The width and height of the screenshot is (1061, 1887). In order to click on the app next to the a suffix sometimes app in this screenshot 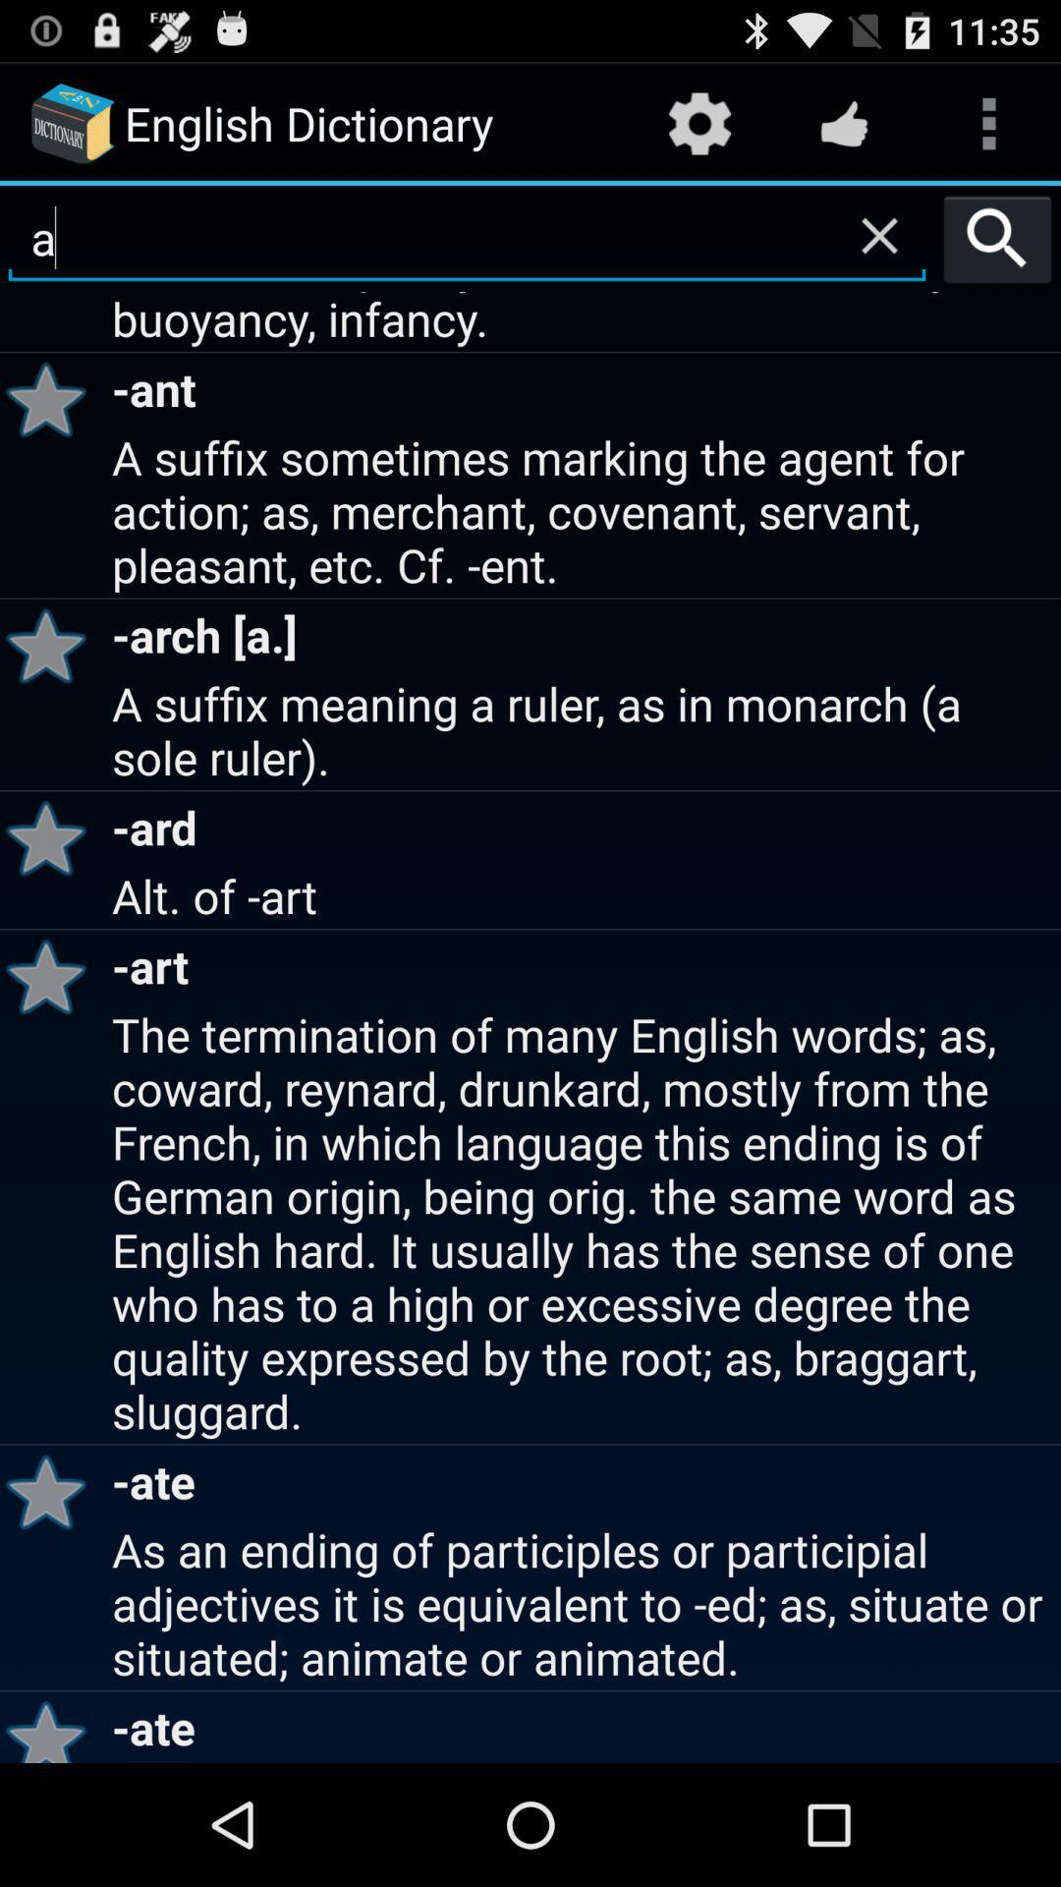, I will do `click(52, 646)`.